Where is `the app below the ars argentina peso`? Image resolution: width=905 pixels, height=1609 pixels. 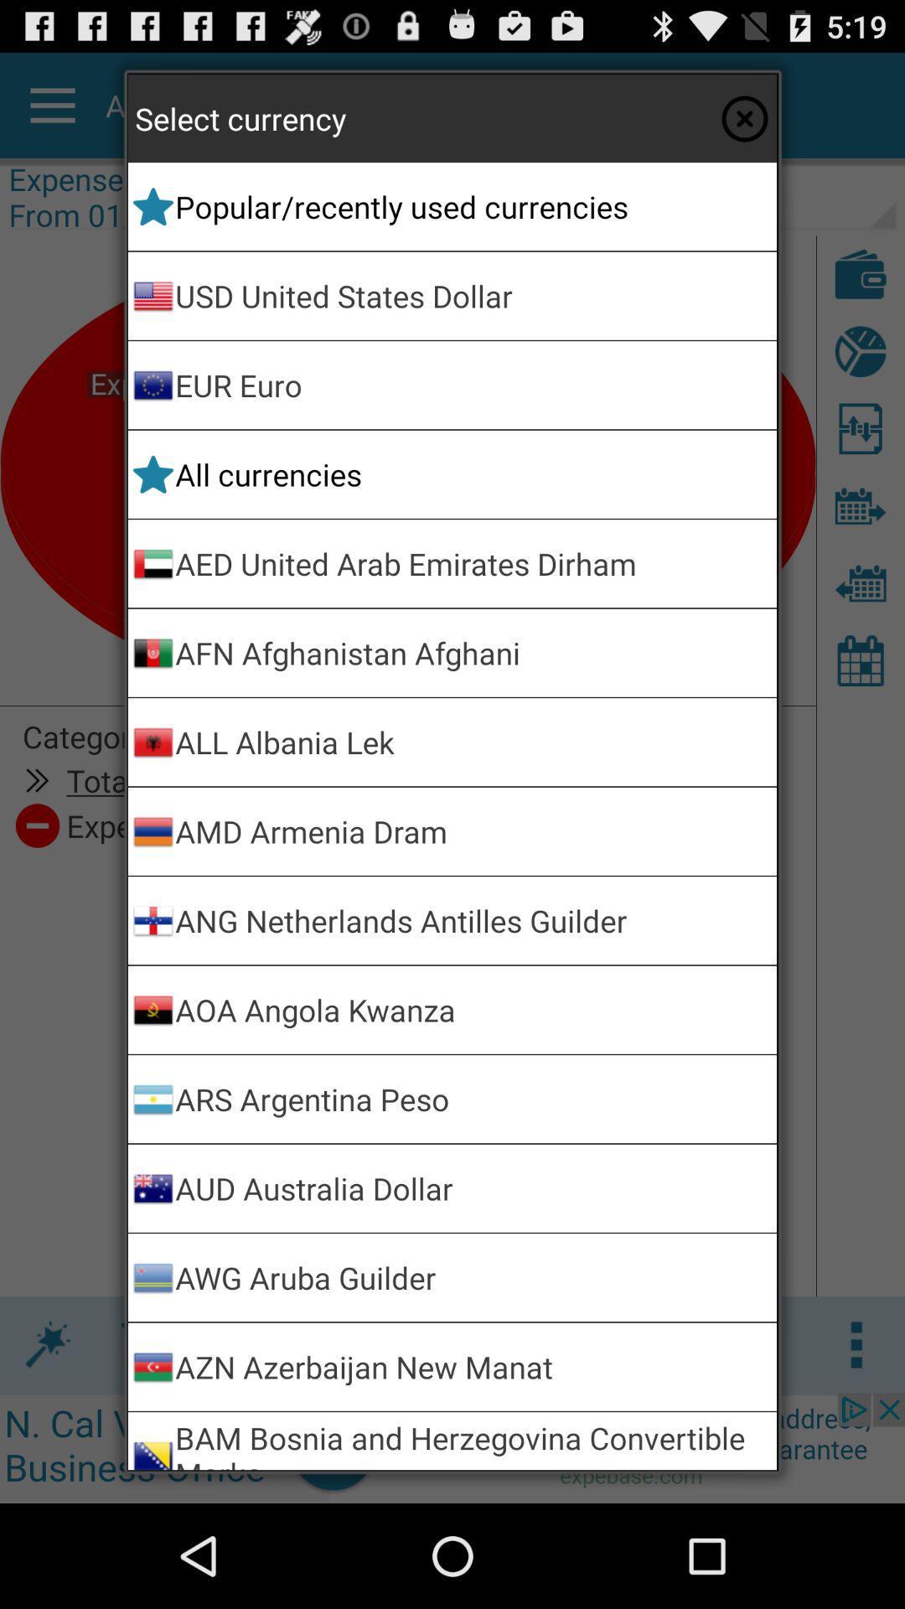
the app below the ars argentina peso is located at coordinates (473, 1187).